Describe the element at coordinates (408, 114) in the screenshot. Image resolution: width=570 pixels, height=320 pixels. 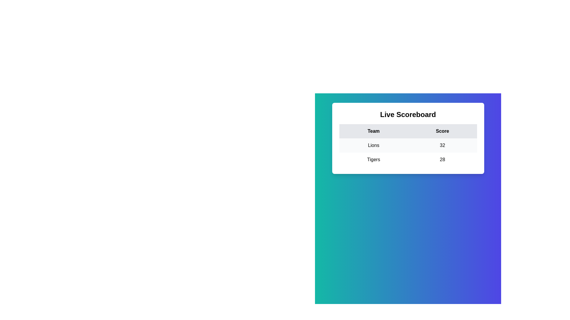
I see `the bold text element displaying 'Live Scoreboard' at the top-center of the scoreboard interface` at that location.